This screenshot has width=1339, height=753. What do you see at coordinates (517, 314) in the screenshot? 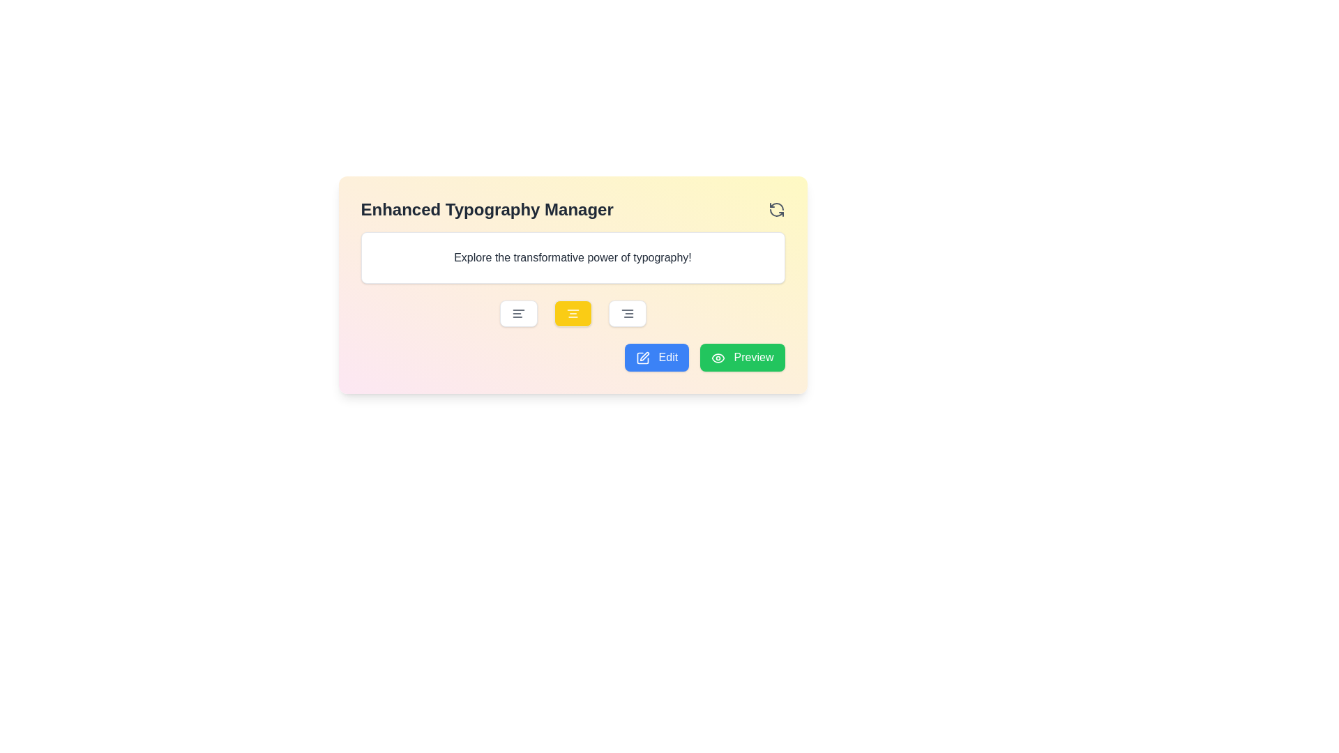
I see `the button containing the icon resembling a text alignment symbol` at bounding box center [517, 314].